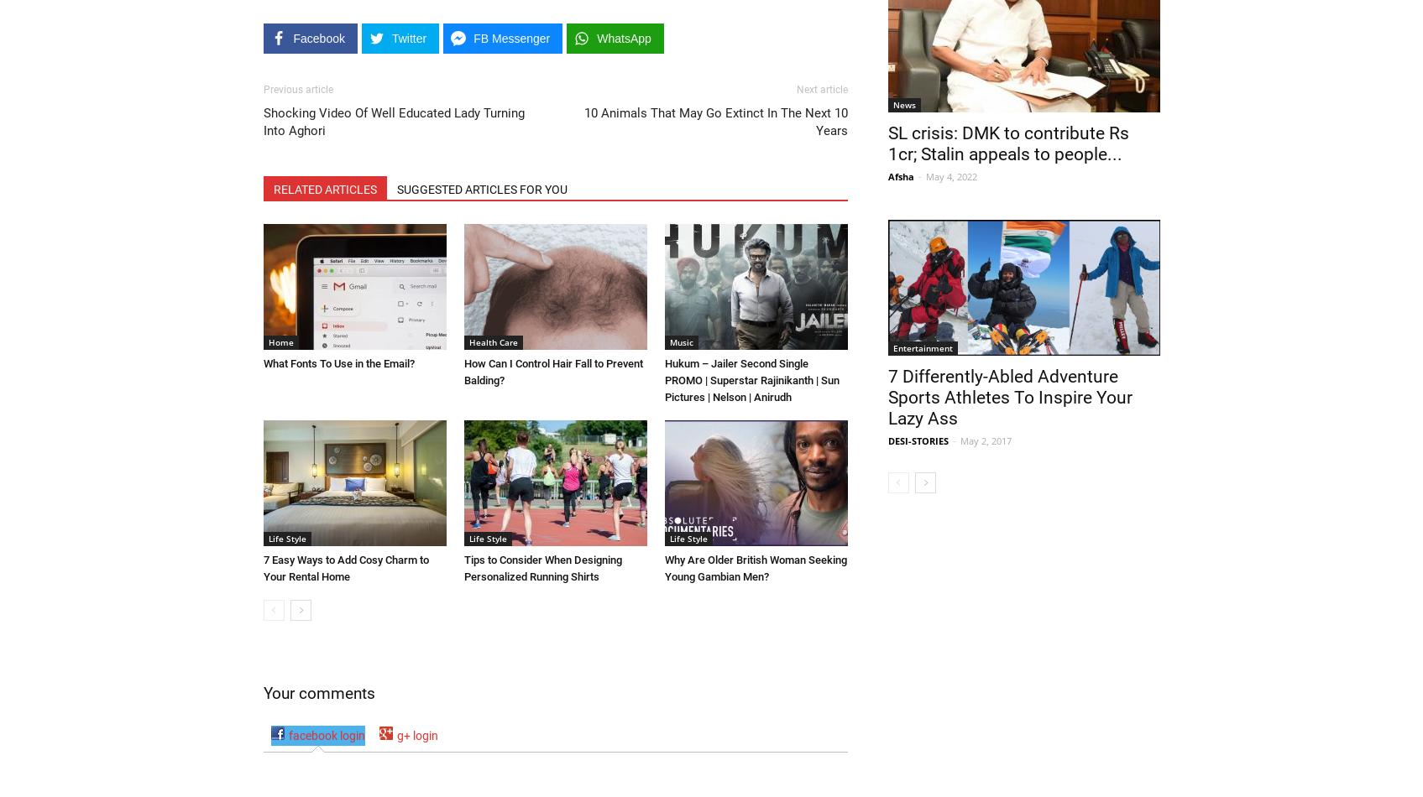  Describe the element at coordinates (323, 188) in the screenshot. I see `'RELATED ARTICLES'` at that location.